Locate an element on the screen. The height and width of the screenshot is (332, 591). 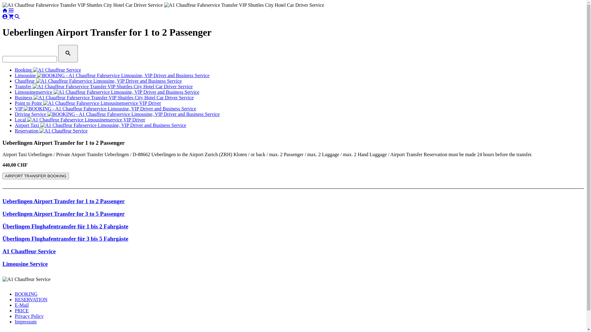
'Reservation' is located at coordinates (15, 130).